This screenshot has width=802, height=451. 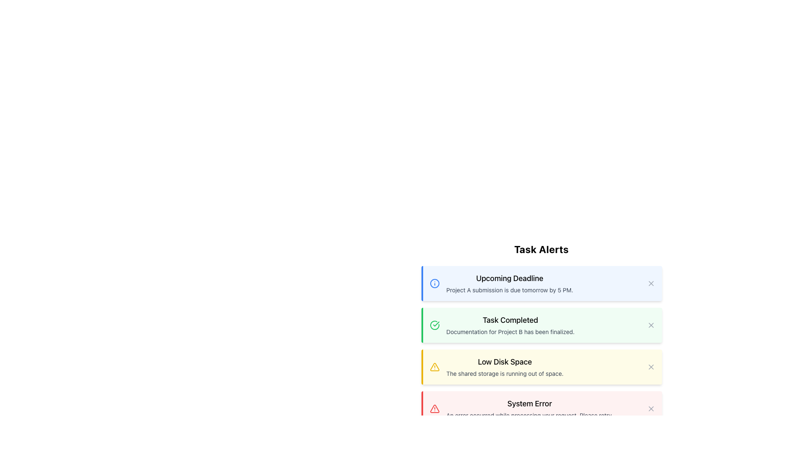 I want to click on the title text element of the low disk space notification alert, which is located in the yellow alert box, positioned below the 'Task Completed' alert and above the 'System Error' alert, so click(x=504, y=362).